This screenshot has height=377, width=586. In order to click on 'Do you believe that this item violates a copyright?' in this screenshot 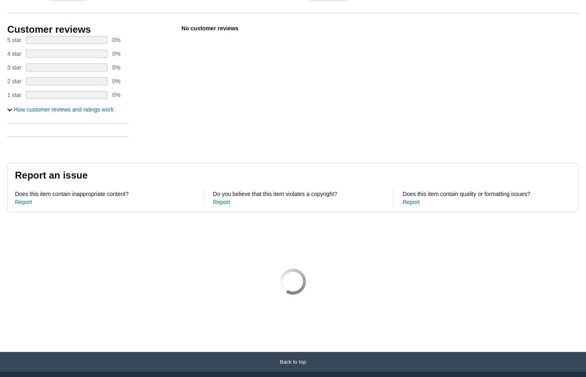, I will do `click(213, 194)`.